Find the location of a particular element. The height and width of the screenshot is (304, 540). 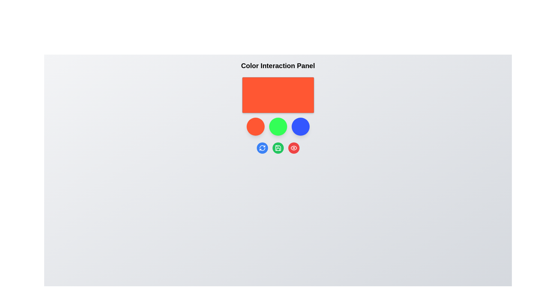

the fourth button from the left in the 'Color Interaction Panel' that has an eye icon is located at coordinates (293, 147).